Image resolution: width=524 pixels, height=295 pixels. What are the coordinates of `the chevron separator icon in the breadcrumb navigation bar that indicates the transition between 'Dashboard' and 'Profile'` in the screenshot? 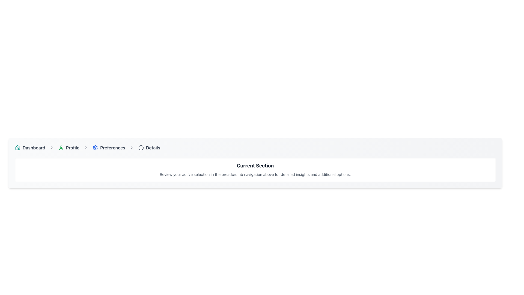 It's located at (52, 147).